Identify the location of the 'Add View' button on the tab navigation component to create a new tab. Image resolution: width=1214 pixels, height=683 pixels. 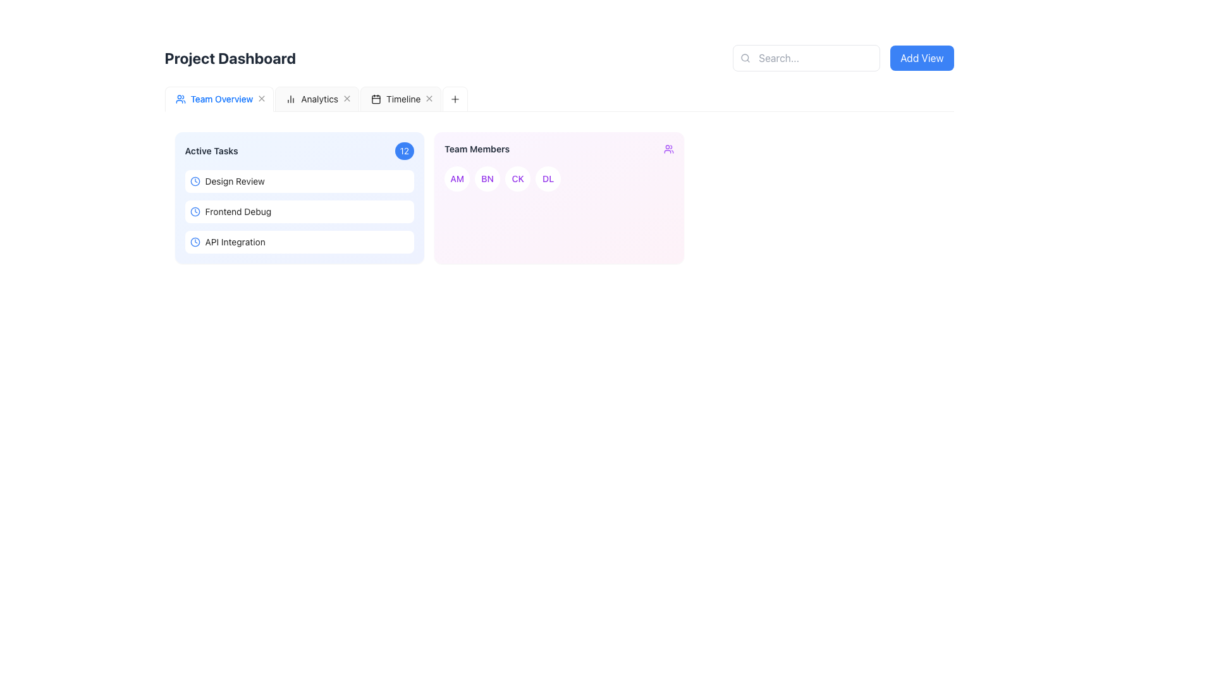
(558, 99).